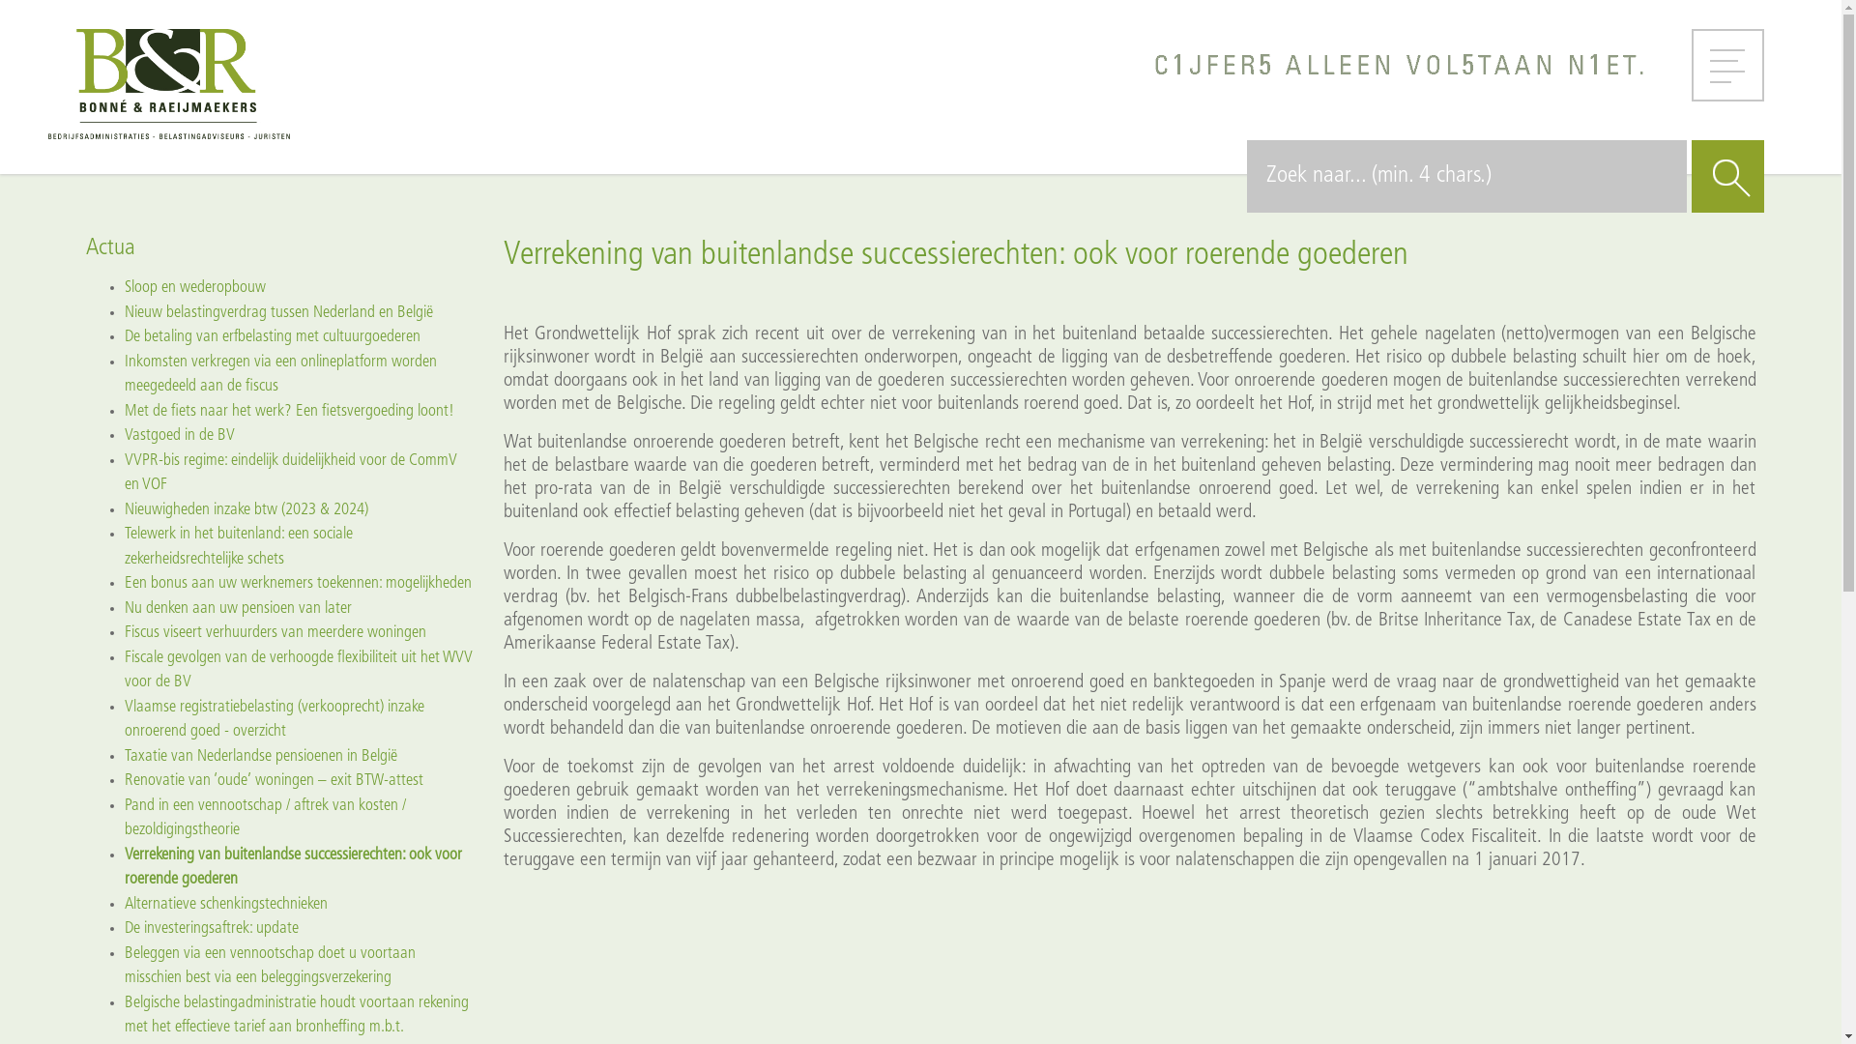 The width and height of the screenshot is (1856, 1044). I want to click on 'Nu denken aan uw pensioen van later', so click(236, 606).